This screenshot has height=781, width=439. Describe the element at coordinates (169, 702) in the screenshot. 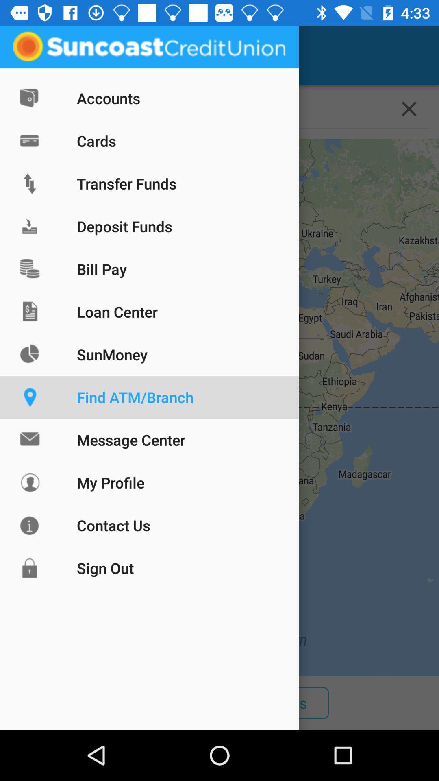

I see `icon next to the branches` at that location.